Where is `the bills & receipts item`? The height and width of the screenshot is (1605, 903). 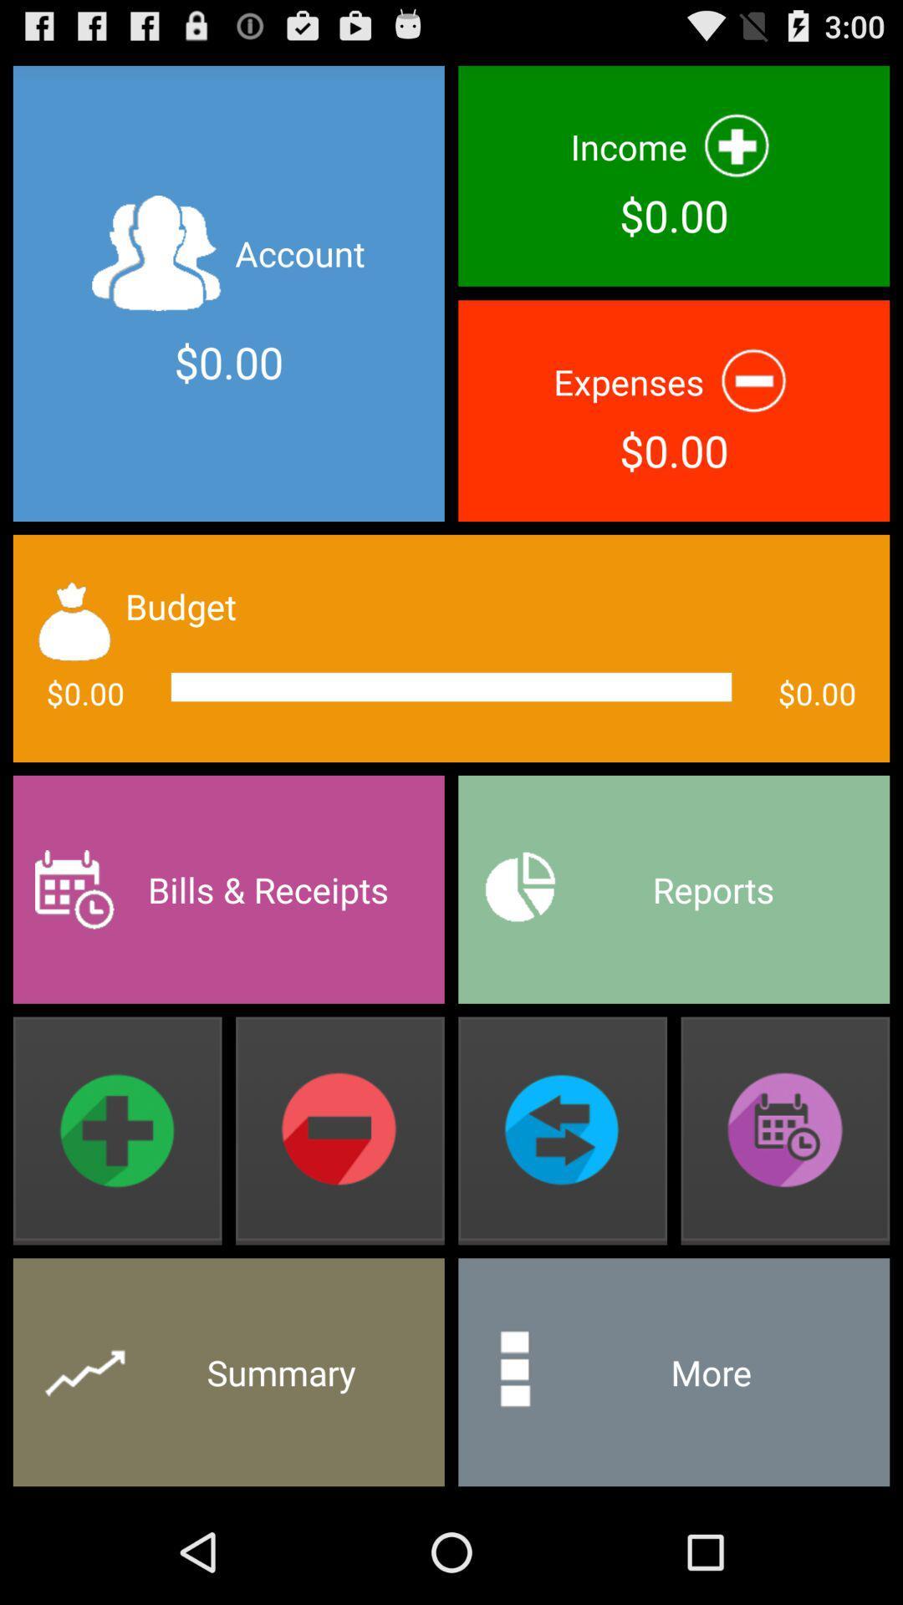
the bills & receipts item is located at coordinates (228, 889).